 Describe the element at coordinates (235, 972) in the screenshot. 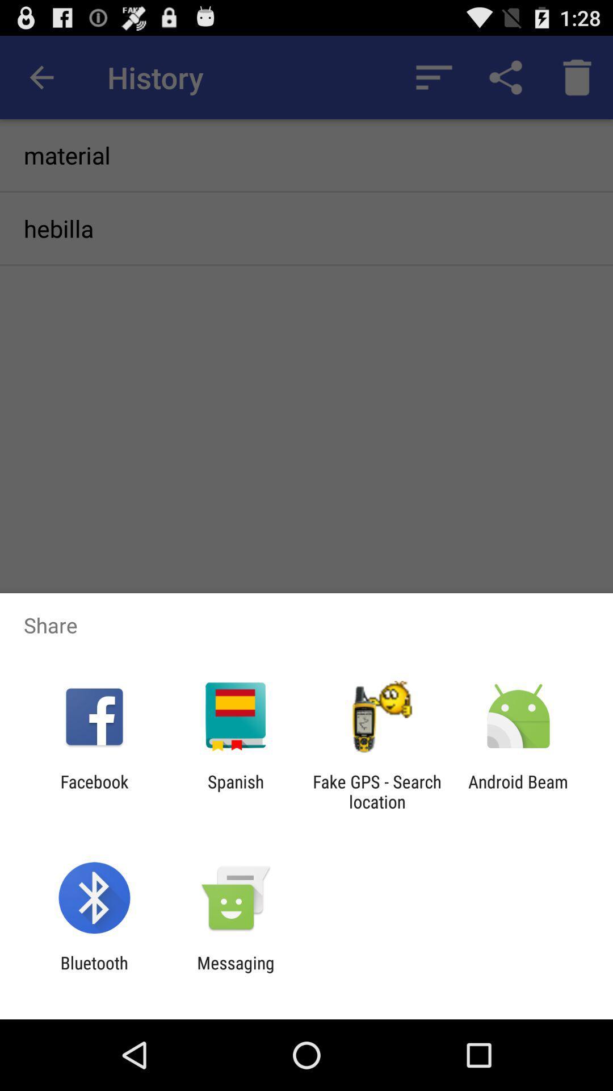

I see `messaging` at that location.